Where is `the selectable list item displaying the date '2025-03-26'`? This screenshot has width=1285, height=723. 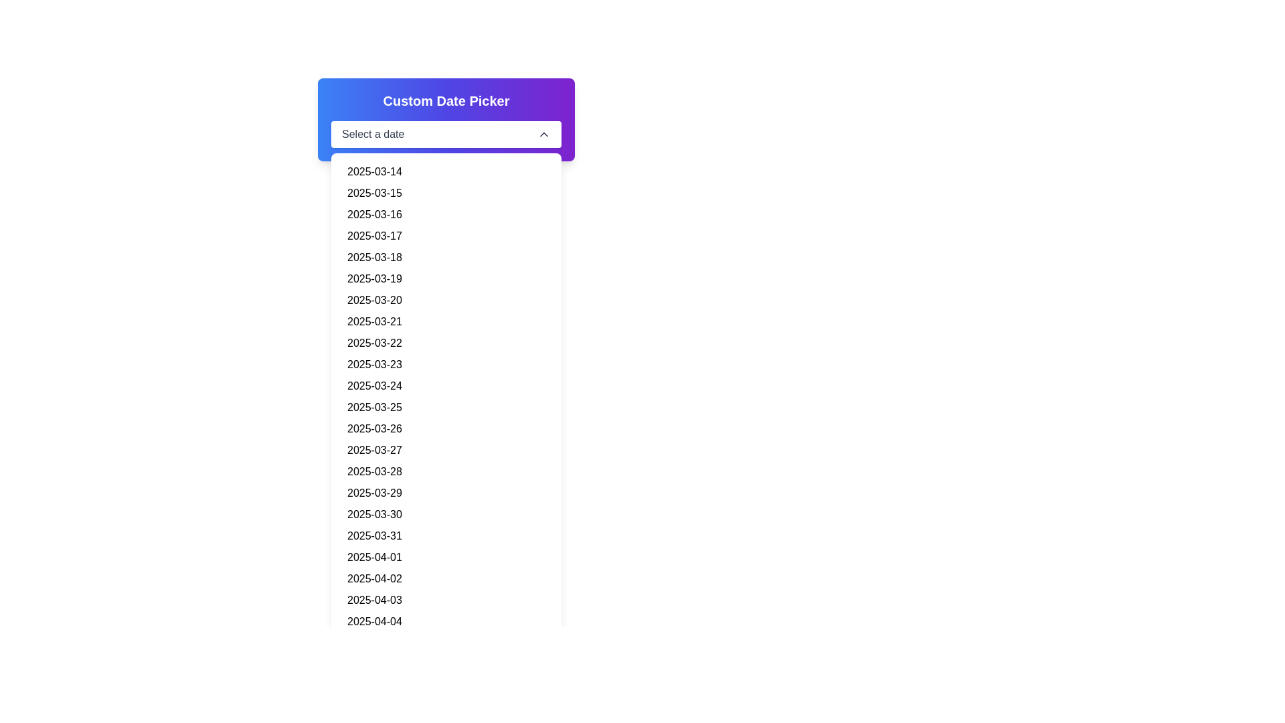
the selectable list item displaying the date '2025-03-26' is located at coordinates (446, 428).